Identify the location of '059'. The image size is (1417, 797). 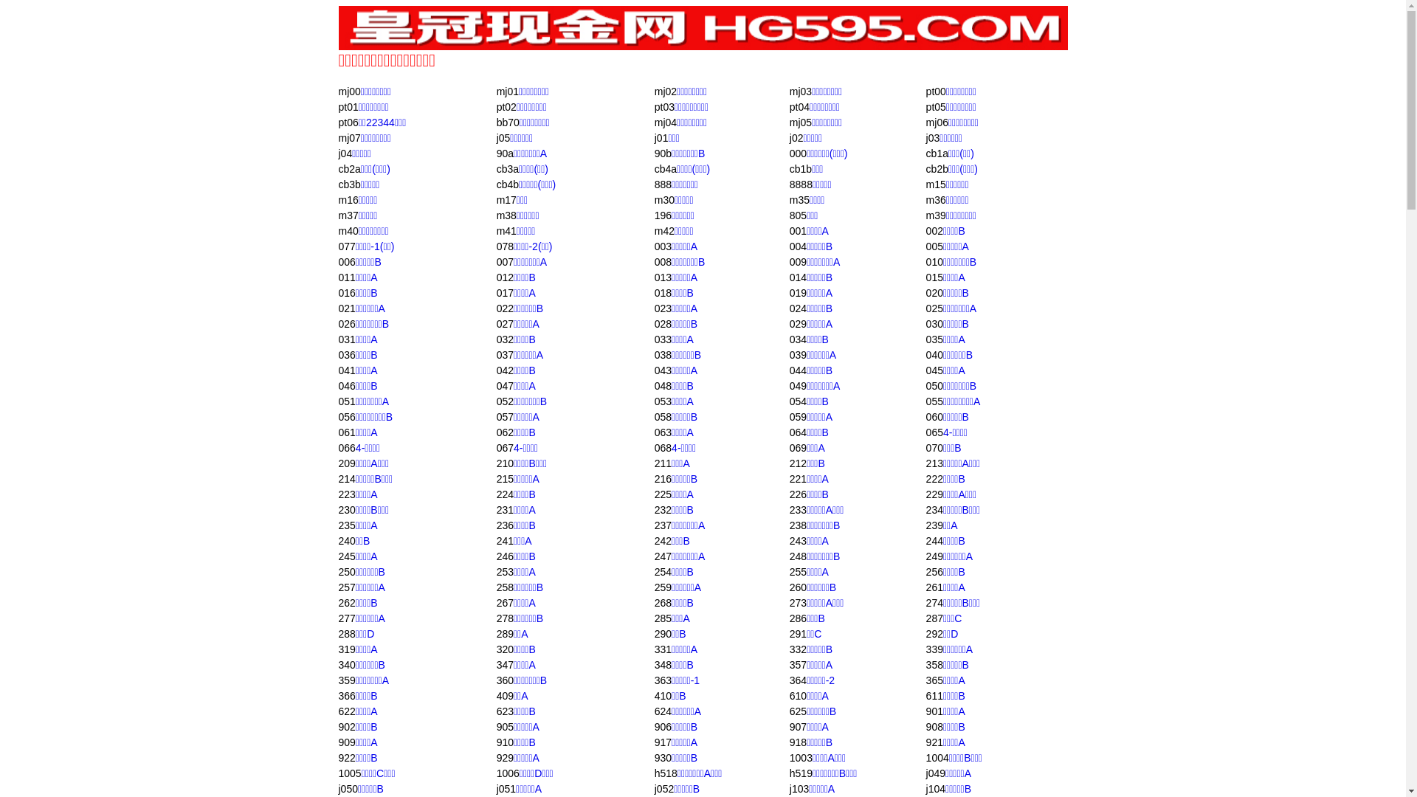
(797, 416).